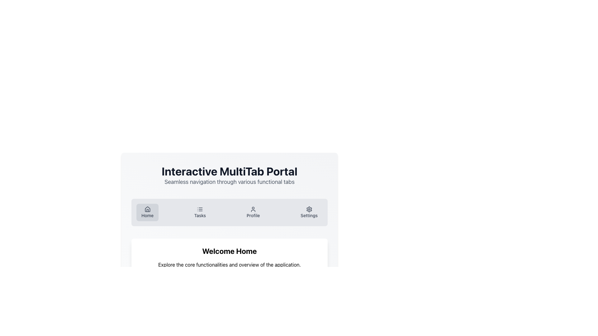 Image resolution: width=598 pixels, height=336 pixels. Describe the element at coordinates (147, 215) in the screenshot. I see `the 'Home' text label in the navigation bar, which is the left-most element positioned below the house icon` at that location.